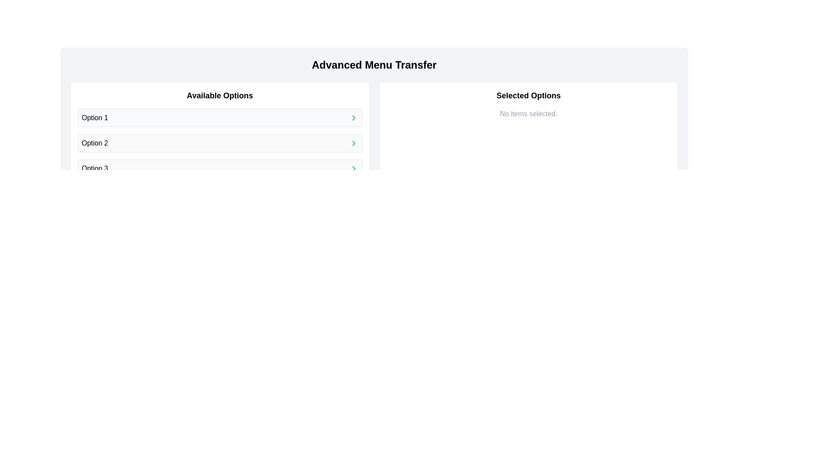  I want to click on the bold text label displaying 'Available Options', which is styled prominently as a header for the associated content, so click(220, 96).